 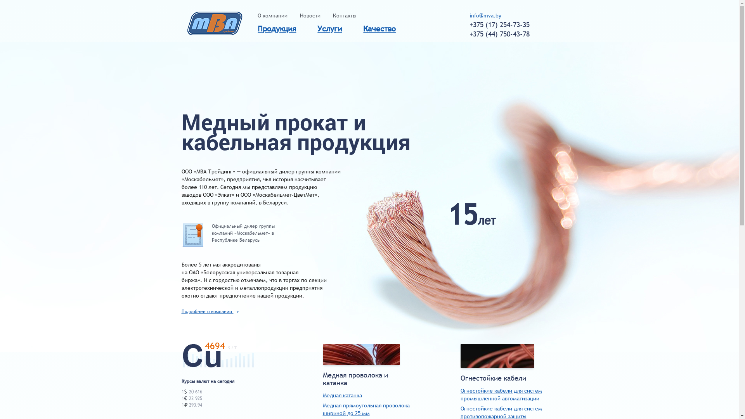 I want to click on 'info@mva.by', so click(x=469, y=15).